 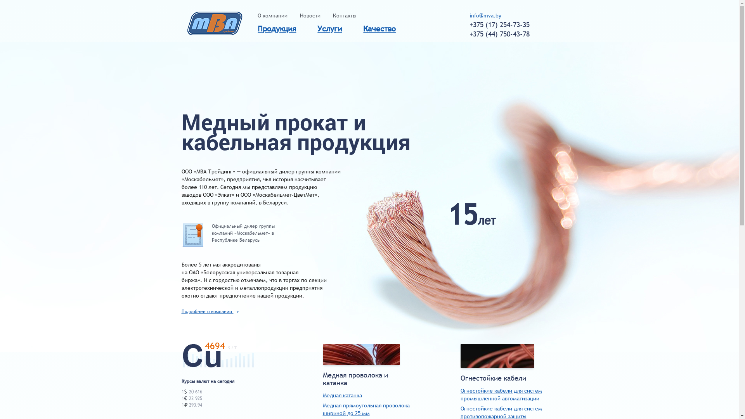 I want to click on 'info@mva.by', so click(x=469, y=15).